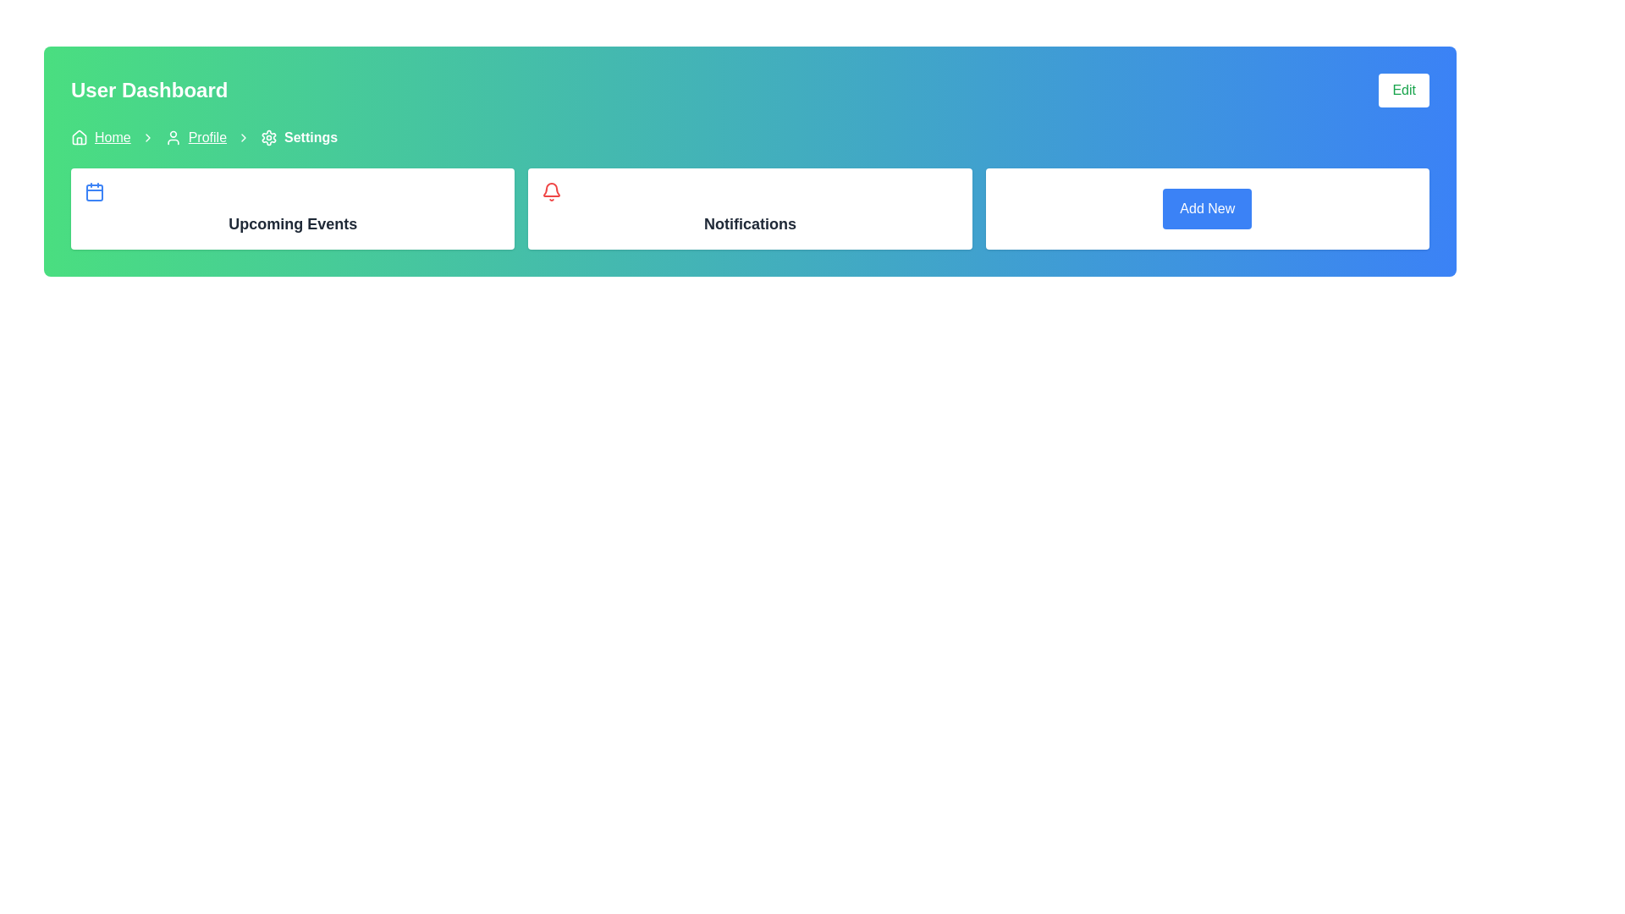 The height and width of the screenshot is (914, 1625). I want to click on the house icon in the breadcrumb navigation bar, so click(79, 136).